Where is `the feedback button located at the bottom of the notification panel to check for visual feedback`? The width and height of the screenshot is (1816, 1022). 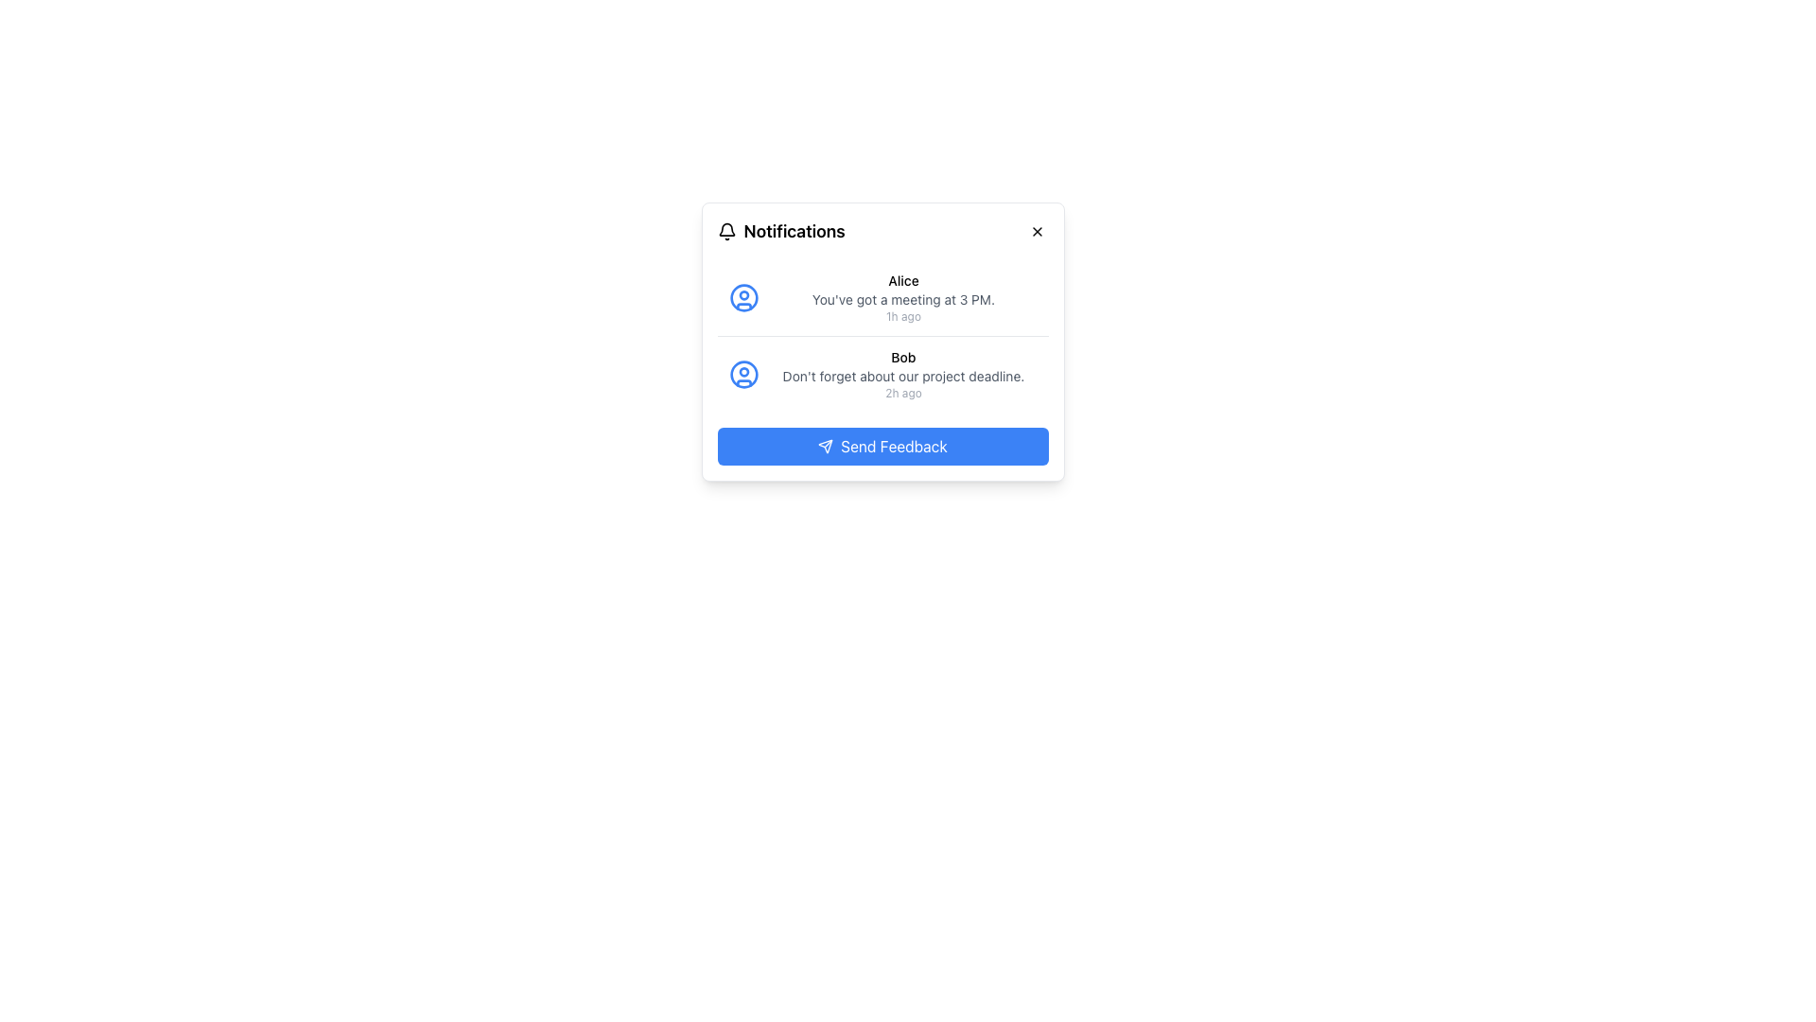 the feedback button located at the bottom of the notification panel to check for visual feedback is located at coordinates (882, 446).